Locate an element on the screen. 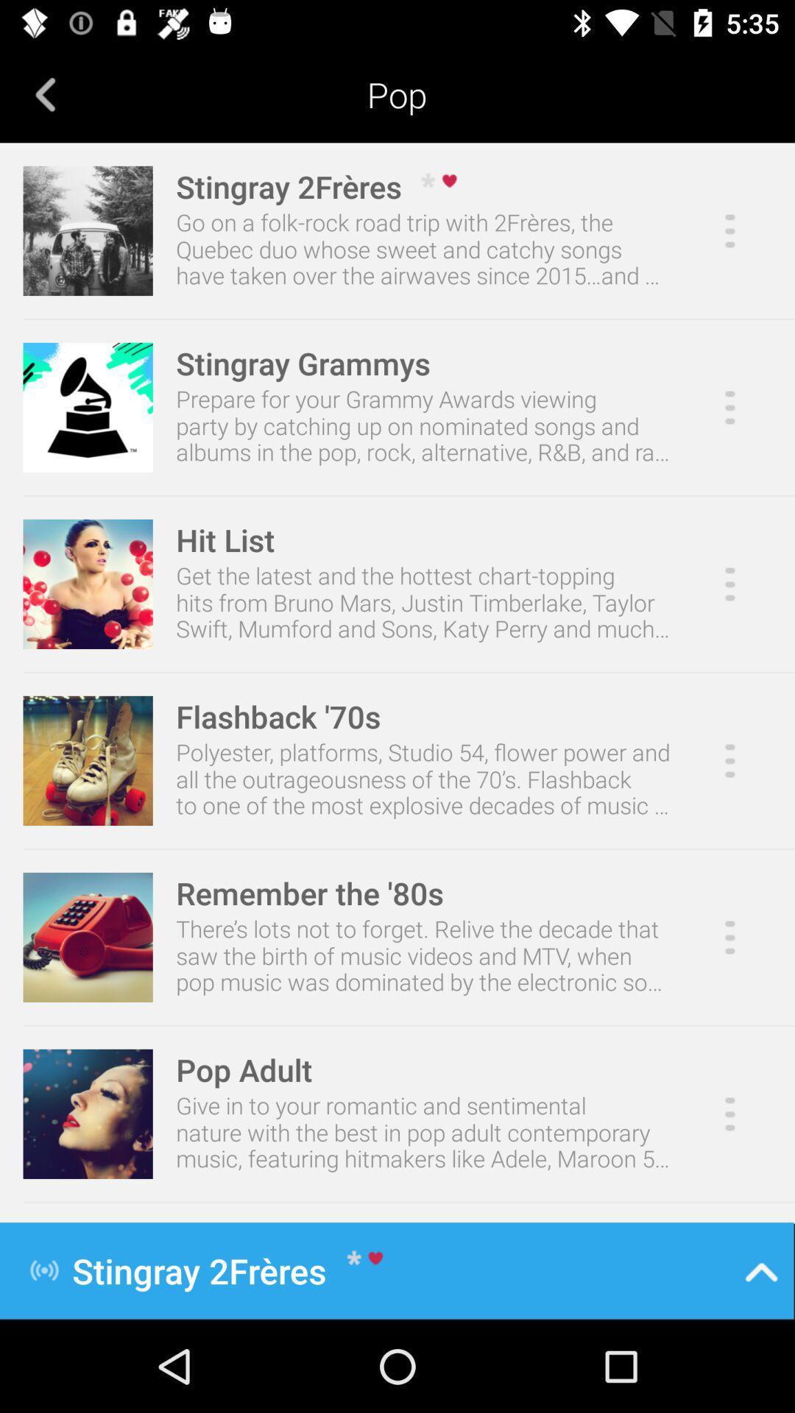 The width and height of the screenshot is (795, 1413). the icon next to the pop is located at coordinates (45, 93).